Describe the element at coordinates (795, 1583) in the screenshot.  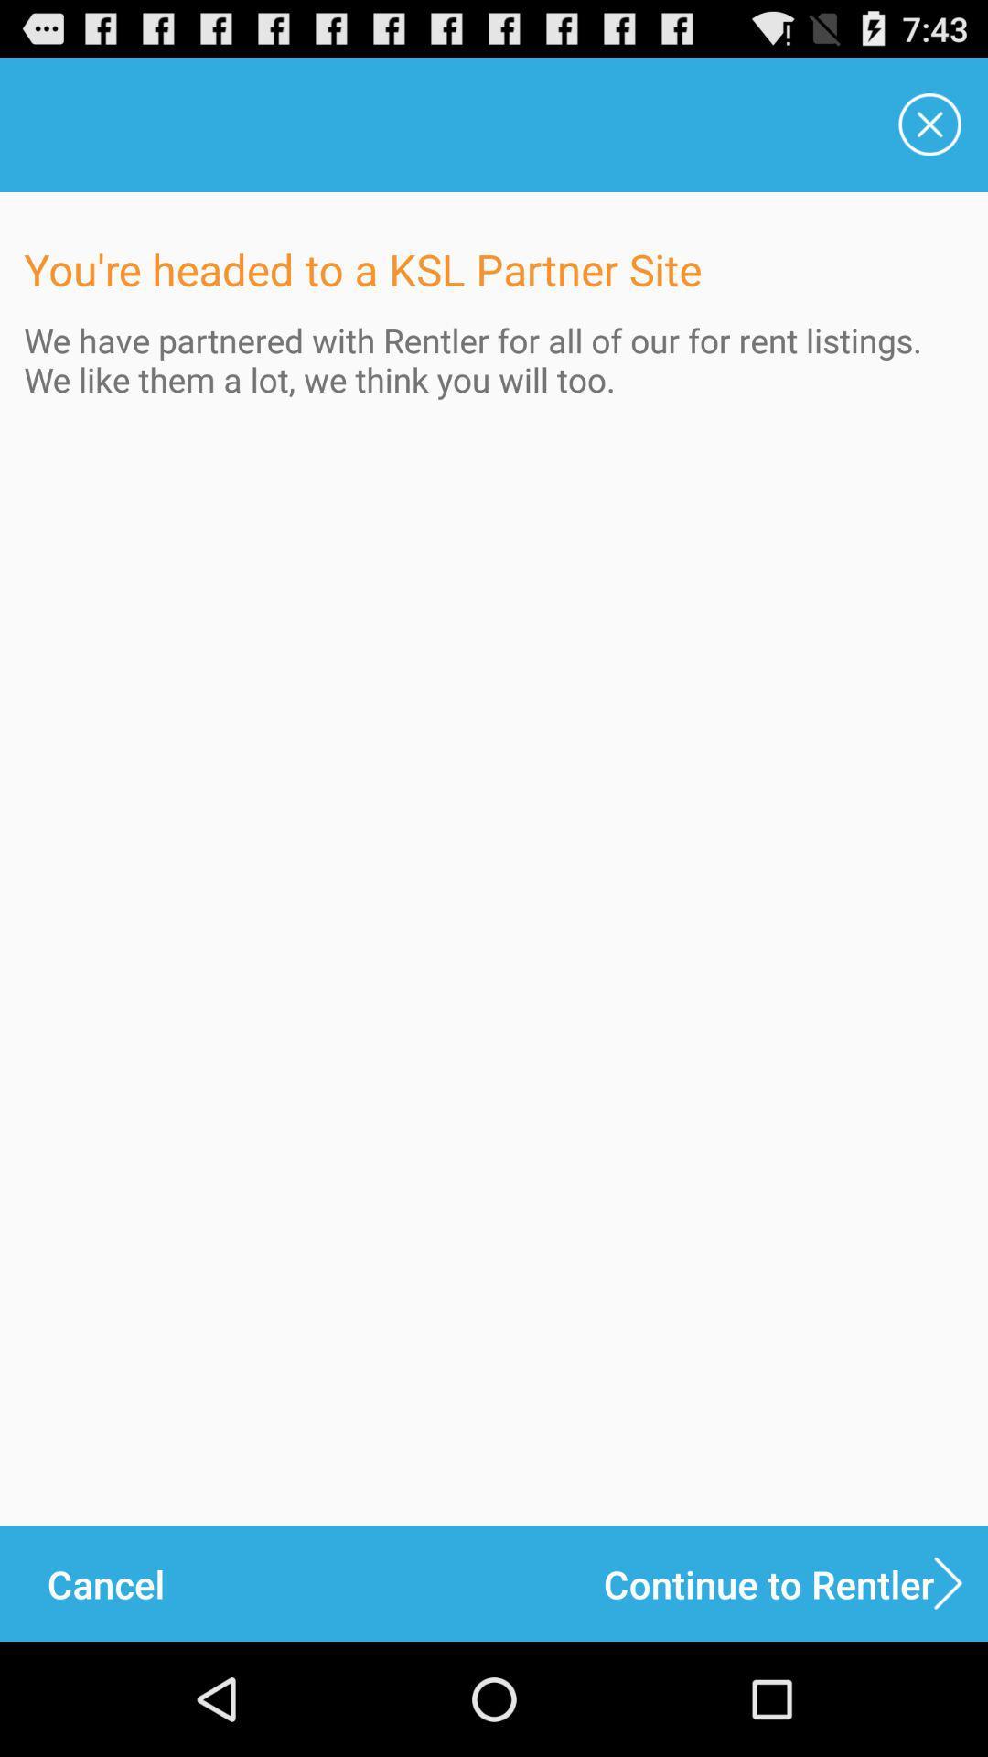
I see `the icon at the bottom right corner` at that location.